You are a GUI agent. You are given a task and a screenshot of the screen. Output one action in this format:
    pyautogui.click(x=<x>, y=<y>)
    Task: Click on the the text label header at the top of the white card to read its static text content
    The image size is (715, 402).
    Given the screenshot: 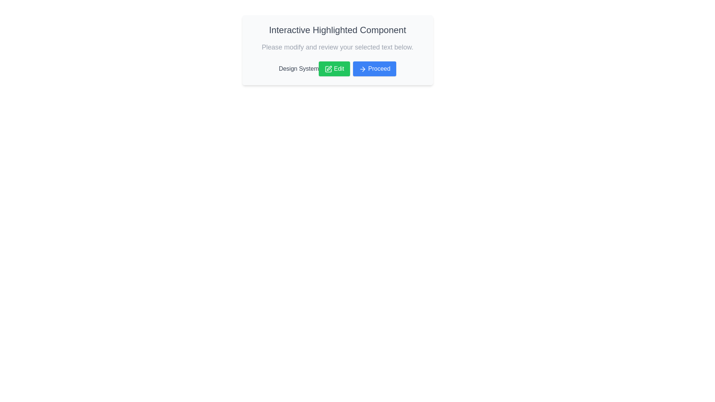 What is the action you would take?
    pyautogui.click(x=337, y=30)
    